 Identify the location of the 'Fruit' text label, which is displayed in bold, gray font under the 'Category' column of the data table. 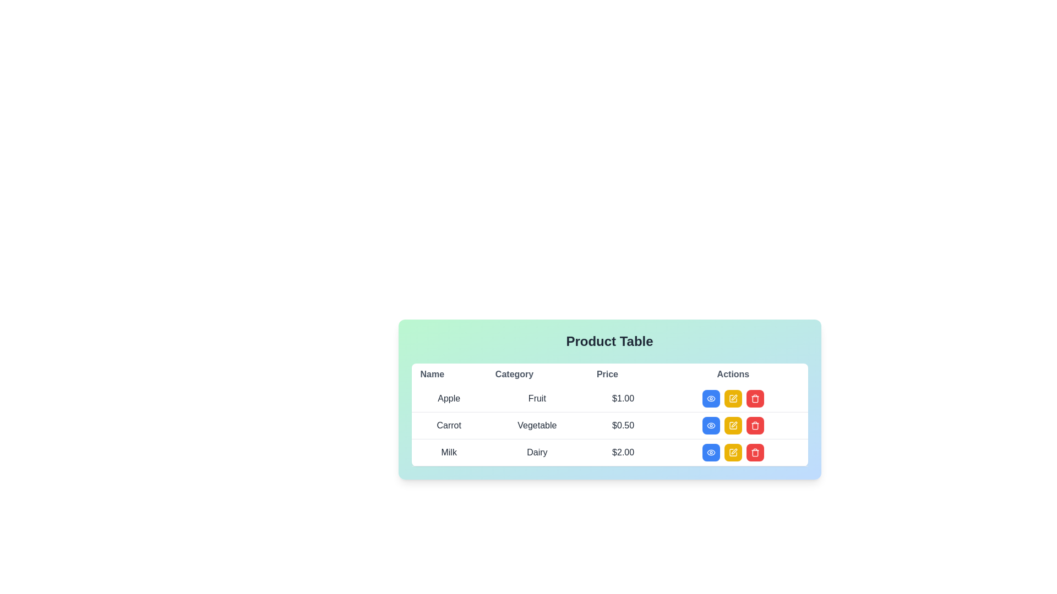
(537, 399).